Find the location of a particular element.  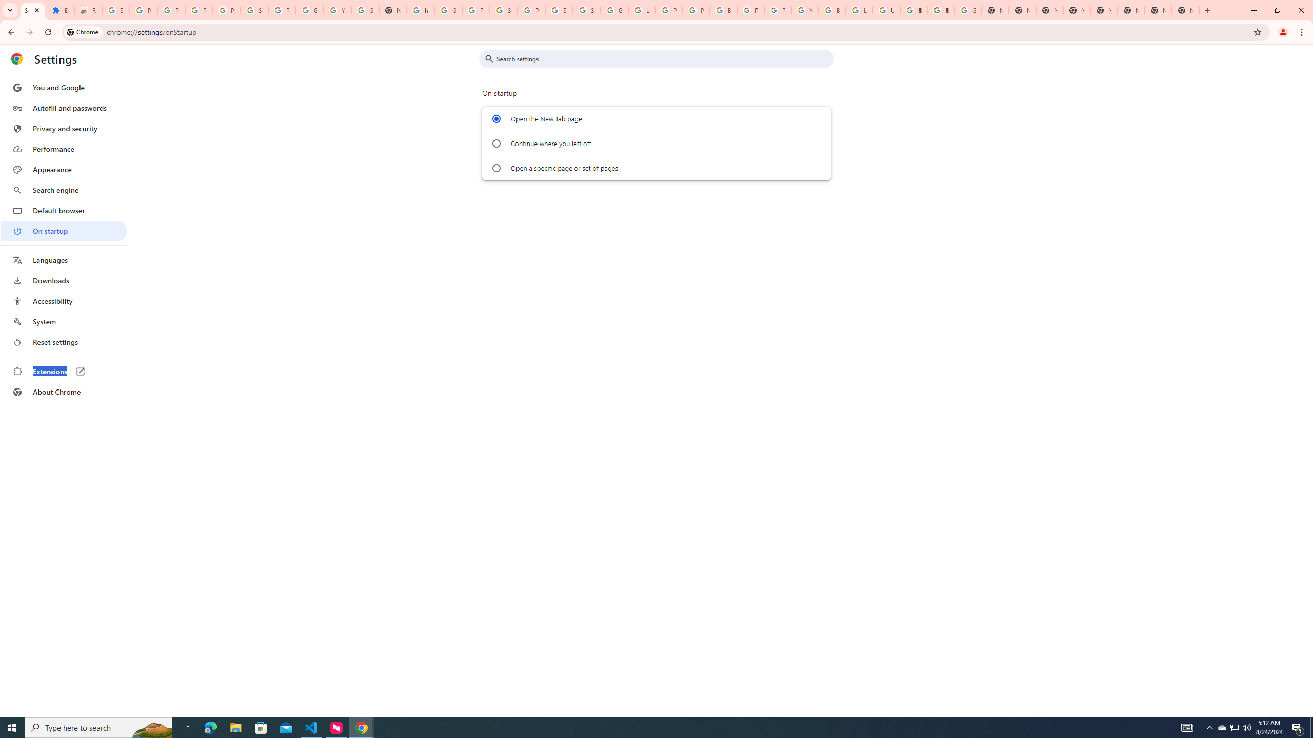

'AutomationID: menu' is located at coordinates (64, 239).